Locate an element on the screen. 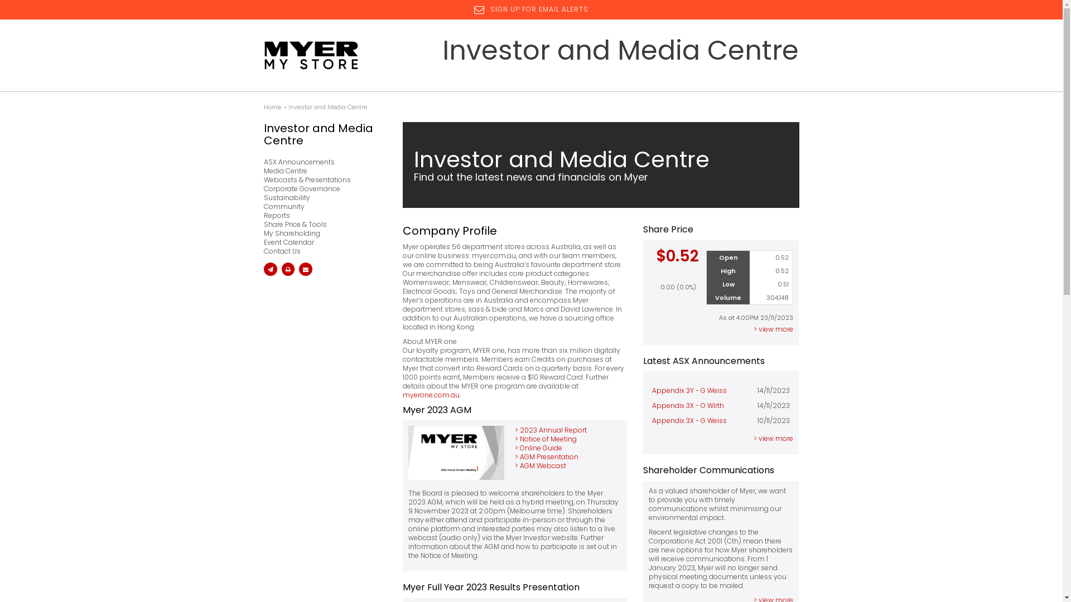  'My Shareholding' is located at coordinates (262, 233).